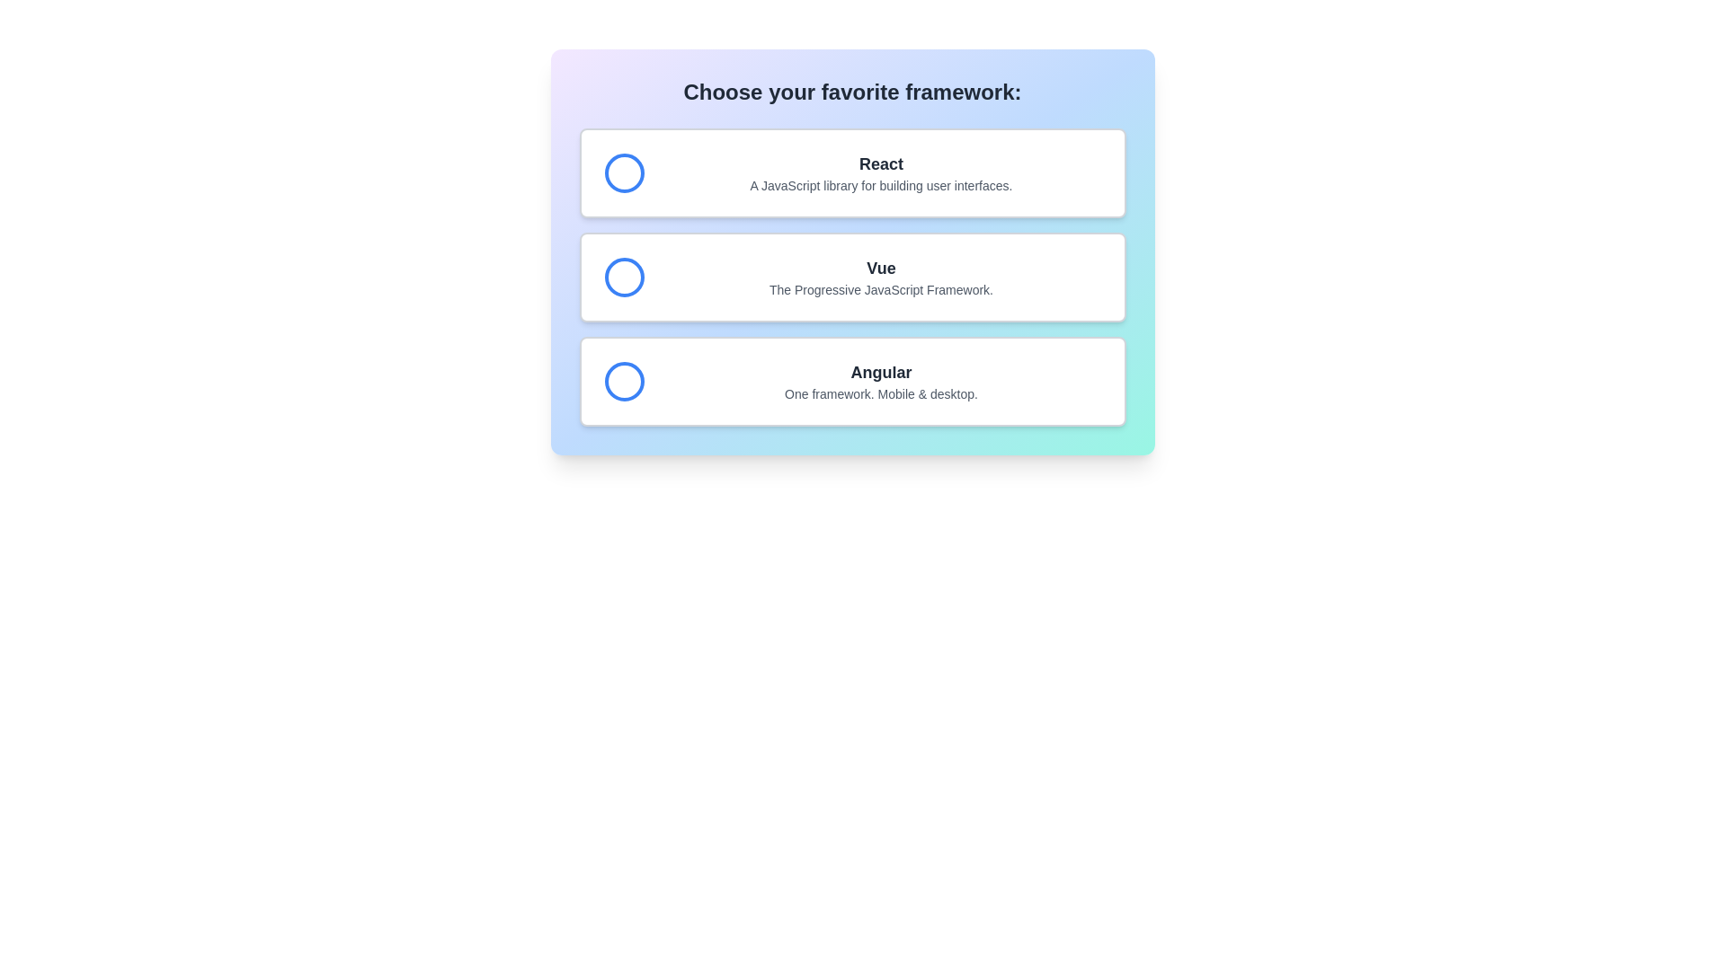 This screenshot has width=1726, height=970. Describe the element at coordinates (851, 380) in the screenshot. I see `the third clickable card option in the list to observe the hover effects, which represents the selection for 'Angular'` at that location.